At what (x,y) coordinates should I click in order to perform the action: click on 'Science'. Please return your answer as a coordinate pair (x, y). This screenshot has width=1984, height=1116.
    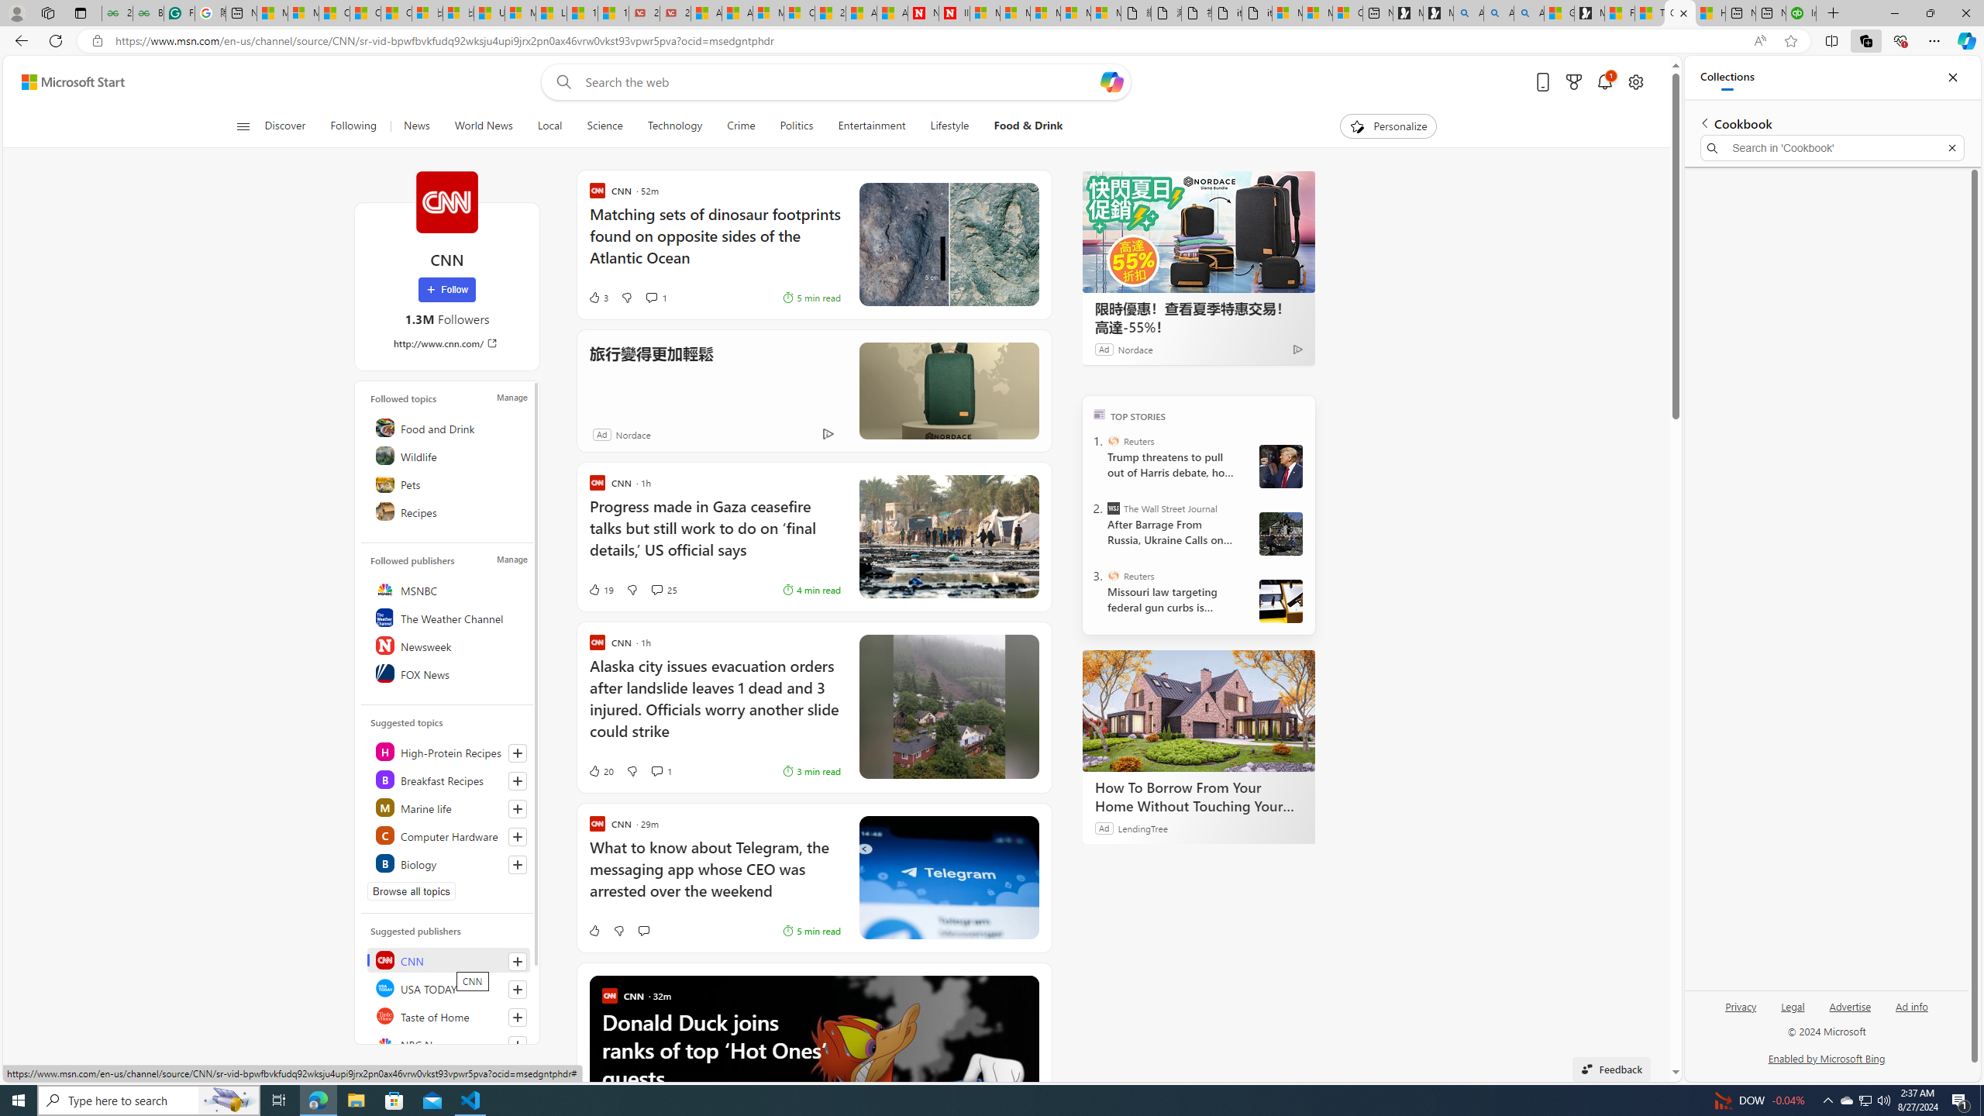
    Looking at the image, I should click on (604, 126).